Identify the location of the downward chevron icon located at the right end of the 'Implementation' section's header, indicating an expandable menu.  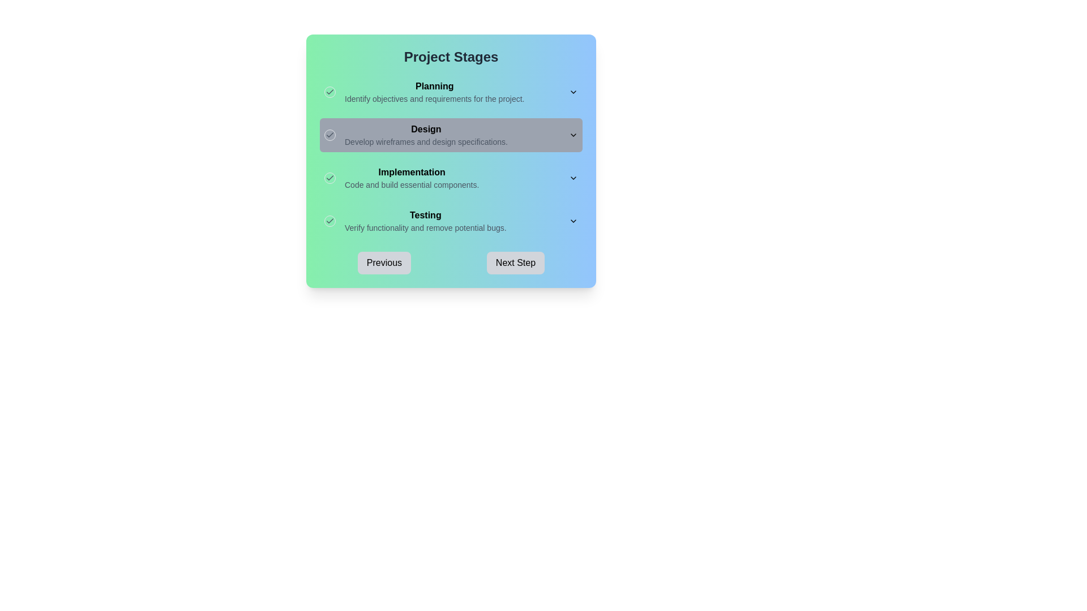
(573, 178).